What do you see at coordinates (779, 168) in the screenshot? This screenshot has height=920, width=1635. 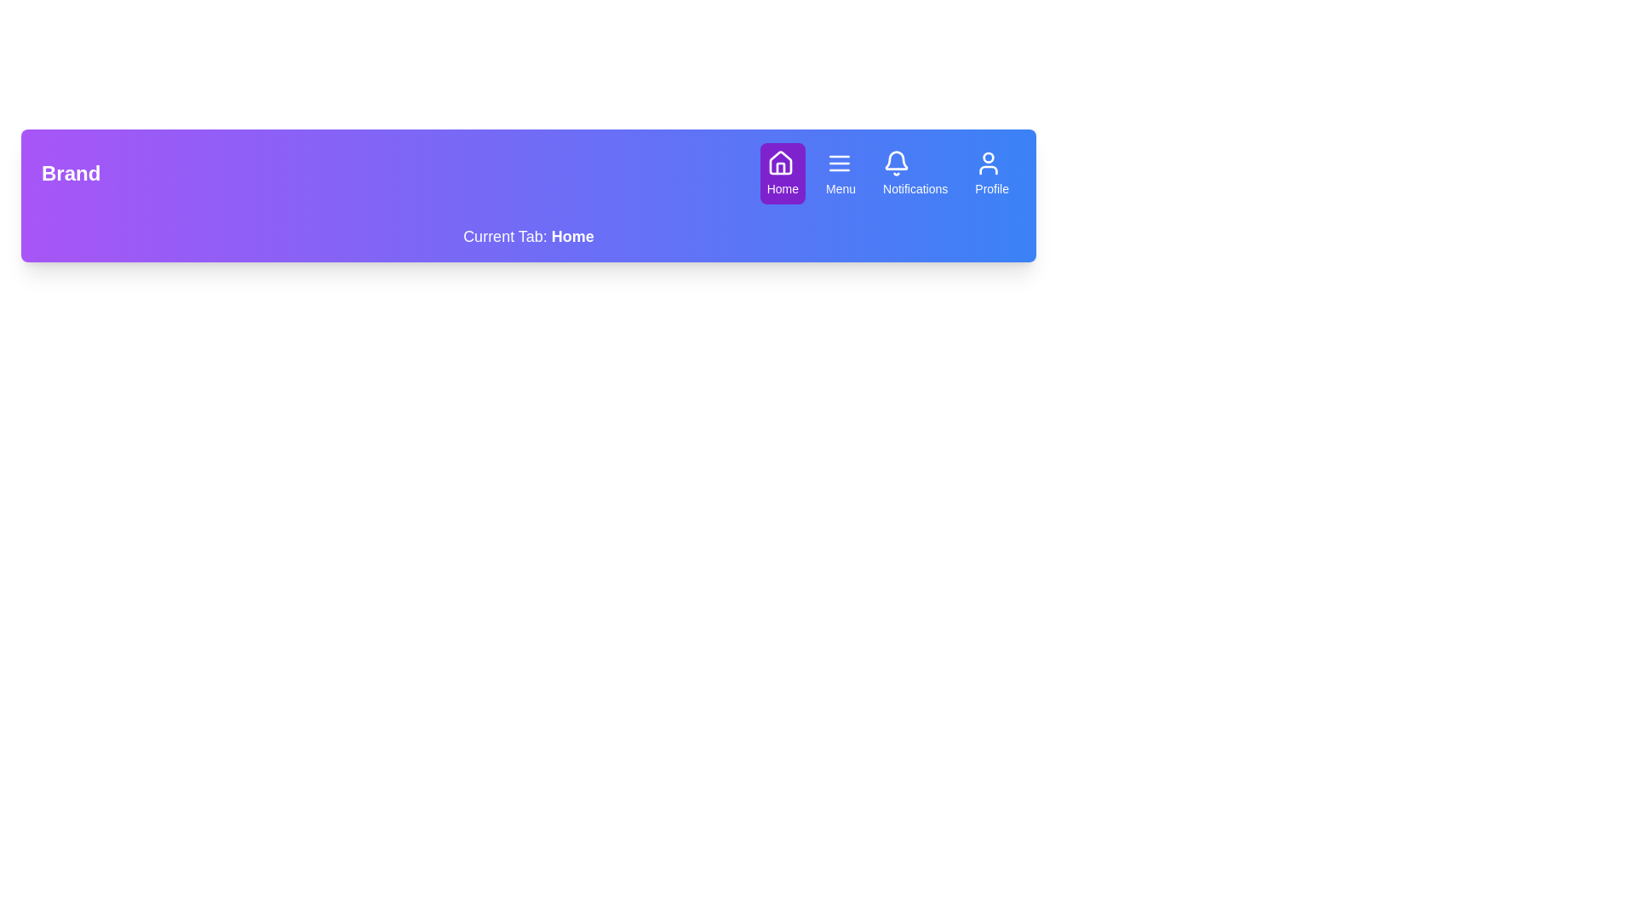 I see `the highlighted 'Home' icon in the navigation bar, indicating the home section of the application` at bounding box center [779, 168].